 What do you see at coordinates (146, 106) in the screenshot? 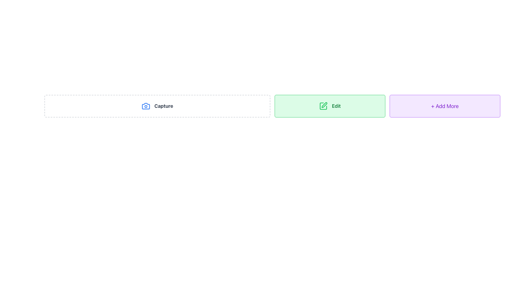
I see `the camera icon that is part of the 'Capture' button, located to the left of the button's text` at bounding box center [146, 106].